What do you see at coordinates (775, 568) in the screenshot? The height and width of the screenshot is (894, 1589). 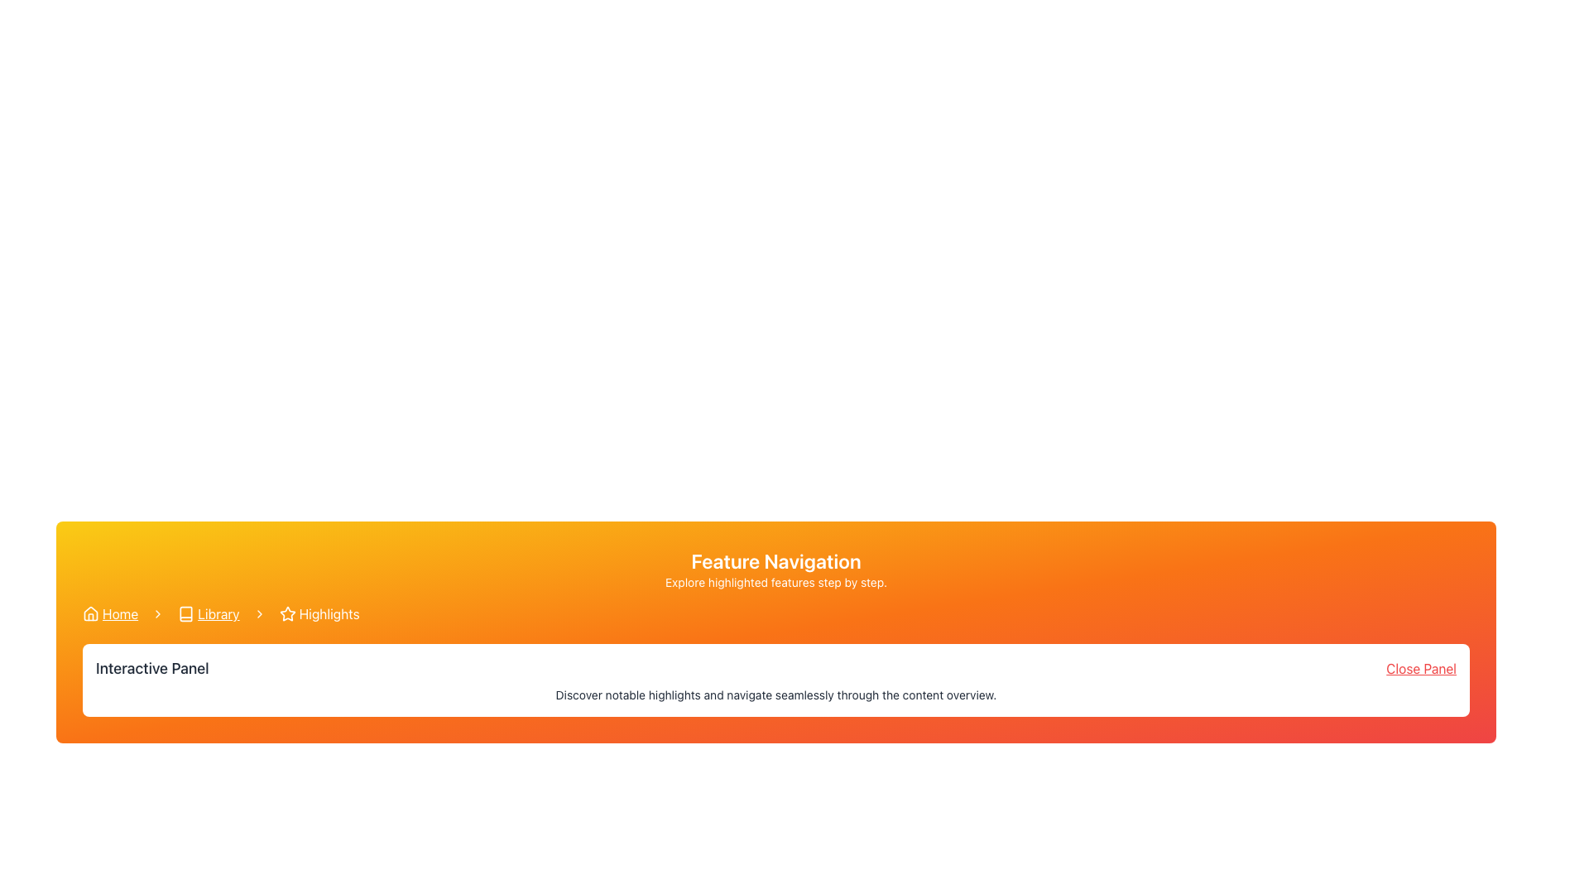 I see `Header text block that introduces the feature navigation guide, located at the top center of the interface` at bounding box center [775, 568].